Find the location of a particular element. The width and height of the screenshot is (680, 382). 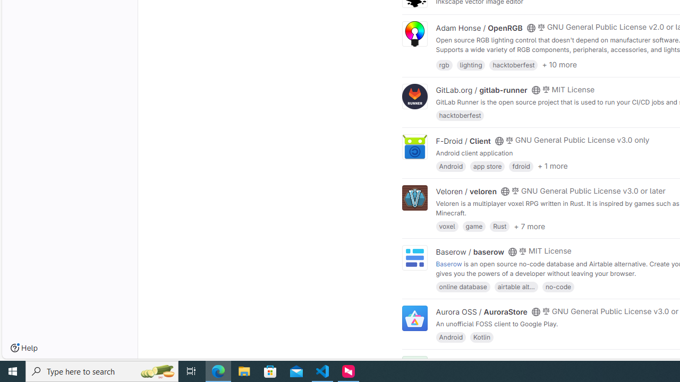

'Class: s14 gl-mr-2' is located at coordinates (541, 361).